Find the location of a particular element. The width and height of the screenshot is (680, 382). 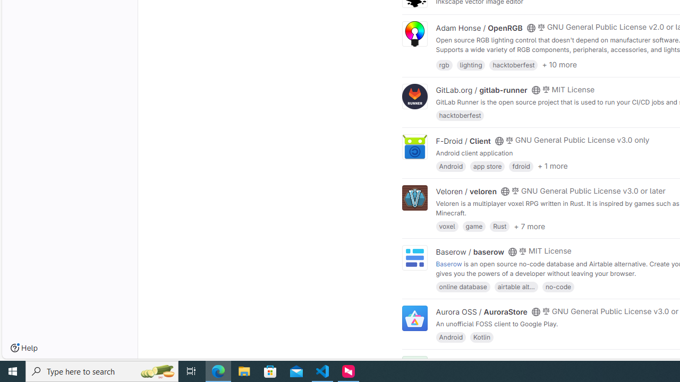

'Class: s14 gl-mr-2' is located at coordinates (541, 361).